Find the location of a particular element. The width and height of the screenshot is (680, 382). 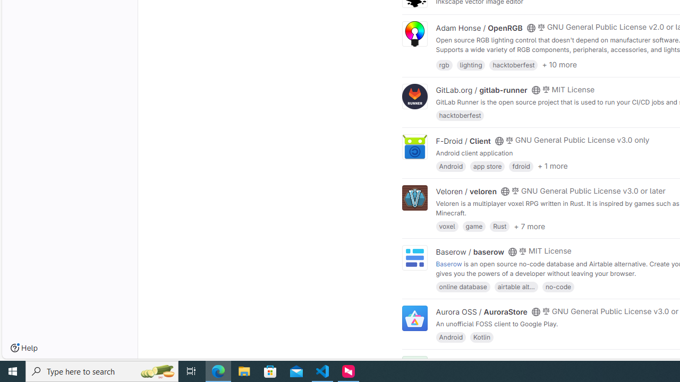

'Class: s14 gl-mr-2' is located at coordinates (541, 361).